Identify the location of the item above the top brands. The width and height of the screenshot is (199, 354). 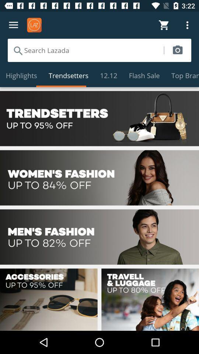
(177, 50).